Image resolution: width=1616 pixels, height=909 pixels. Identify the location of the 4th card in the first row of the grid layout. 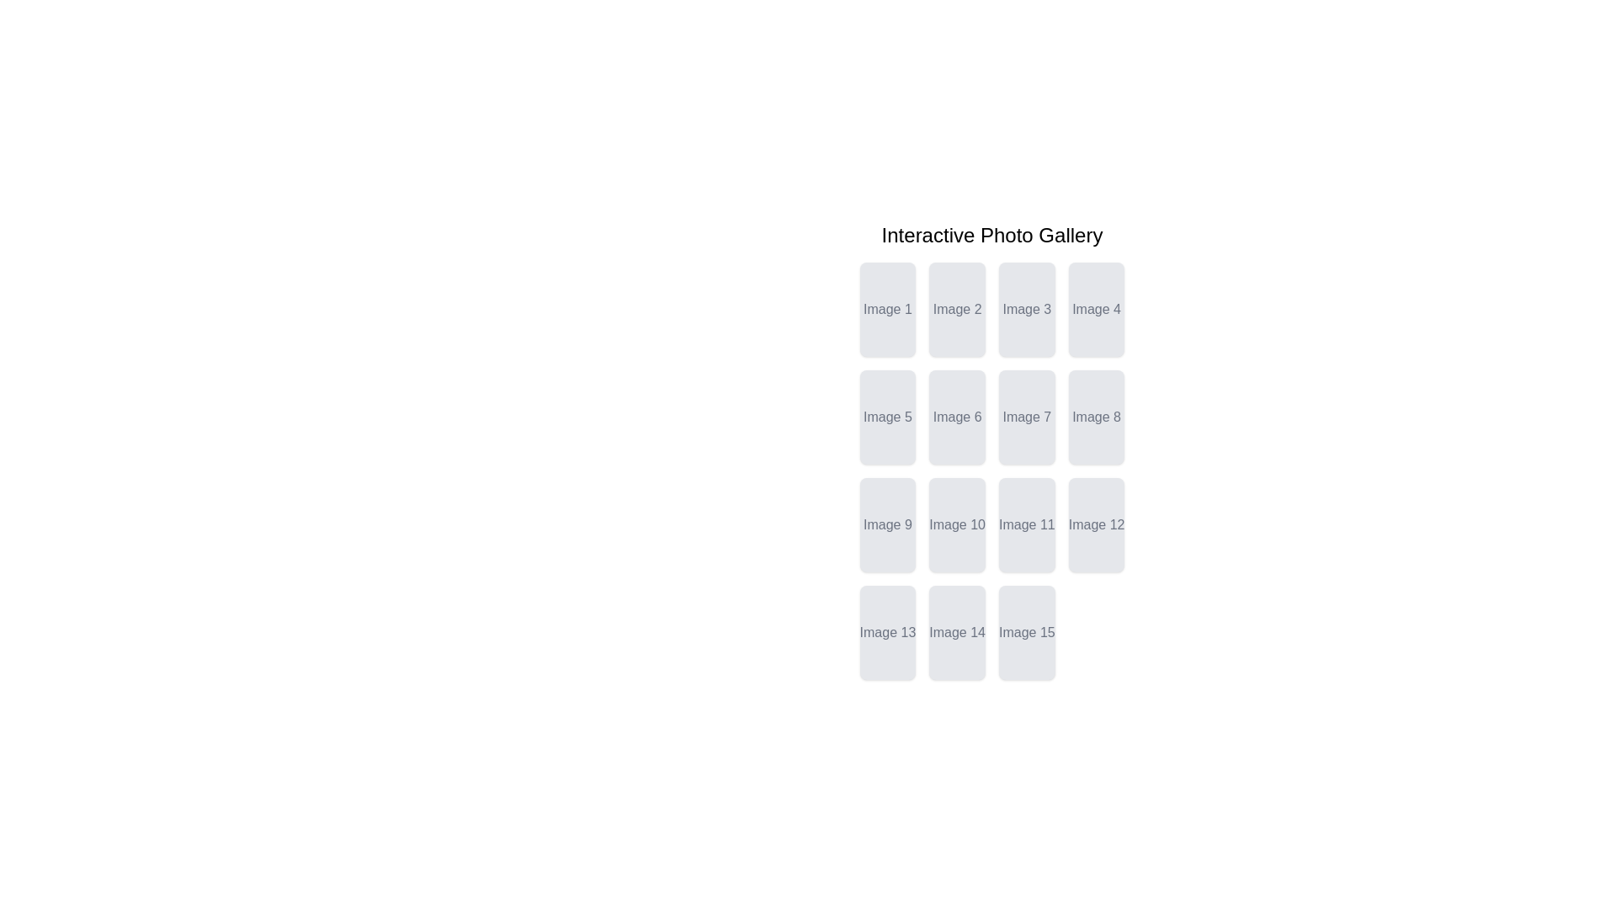
(1097, 309).